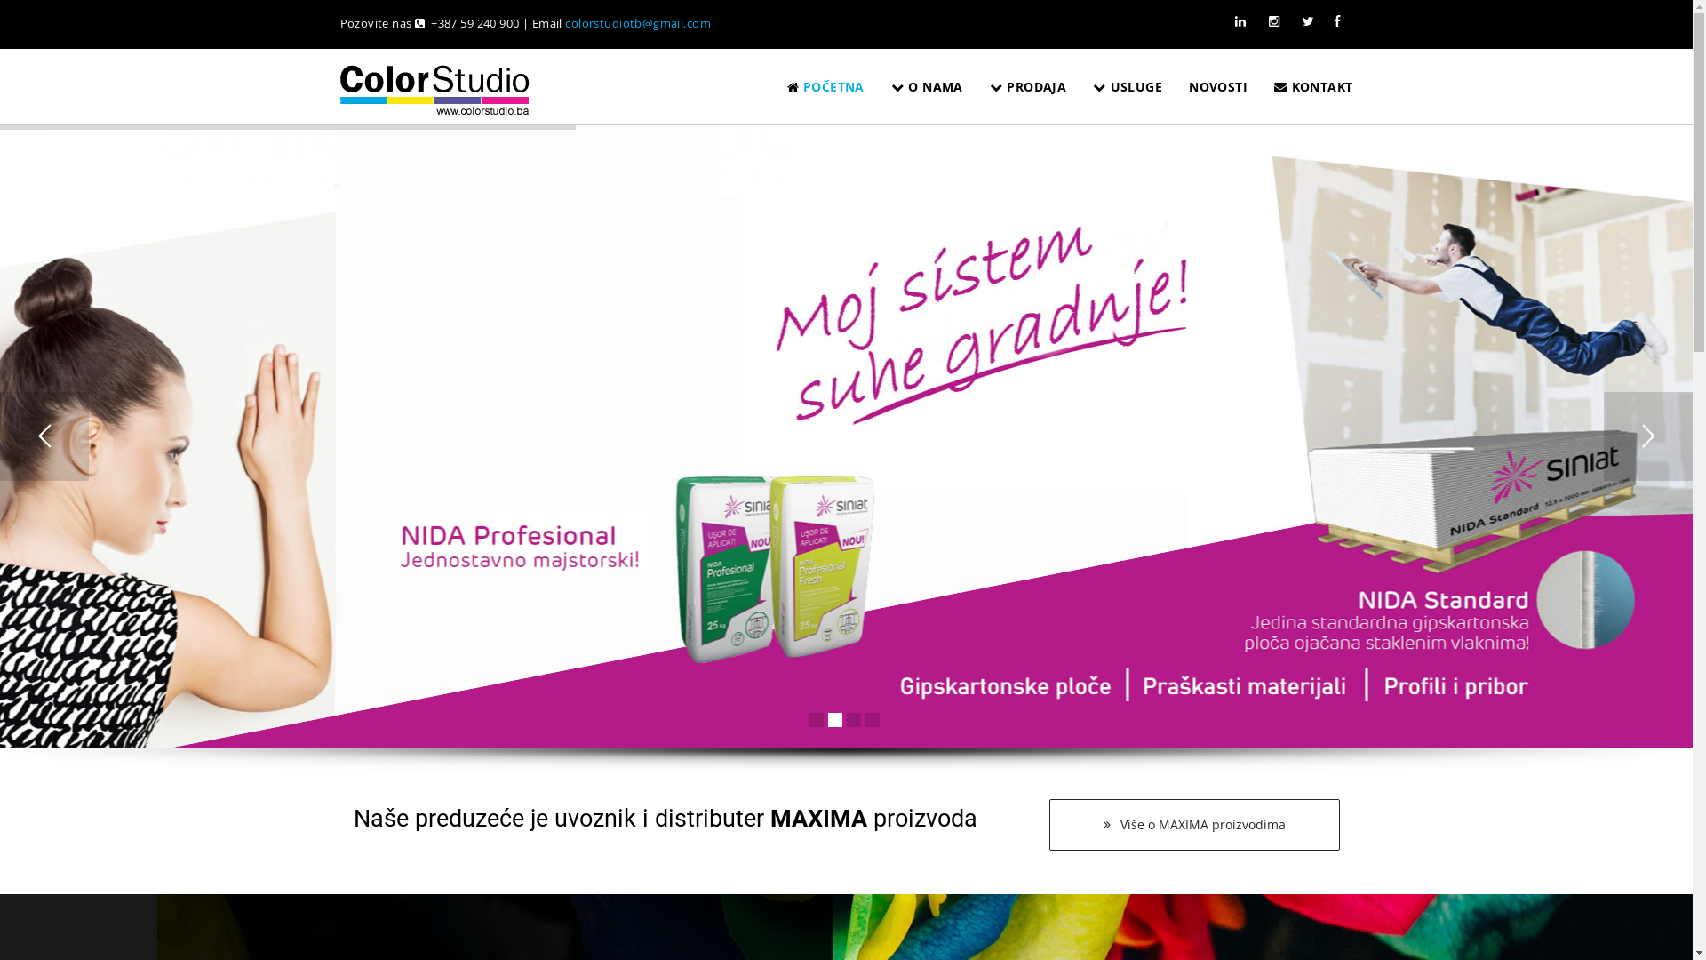  What do you see at coordinates (1027, 86) in the screenshot?
I see `'PRODAJA'` at bounding box center [1027, 86].